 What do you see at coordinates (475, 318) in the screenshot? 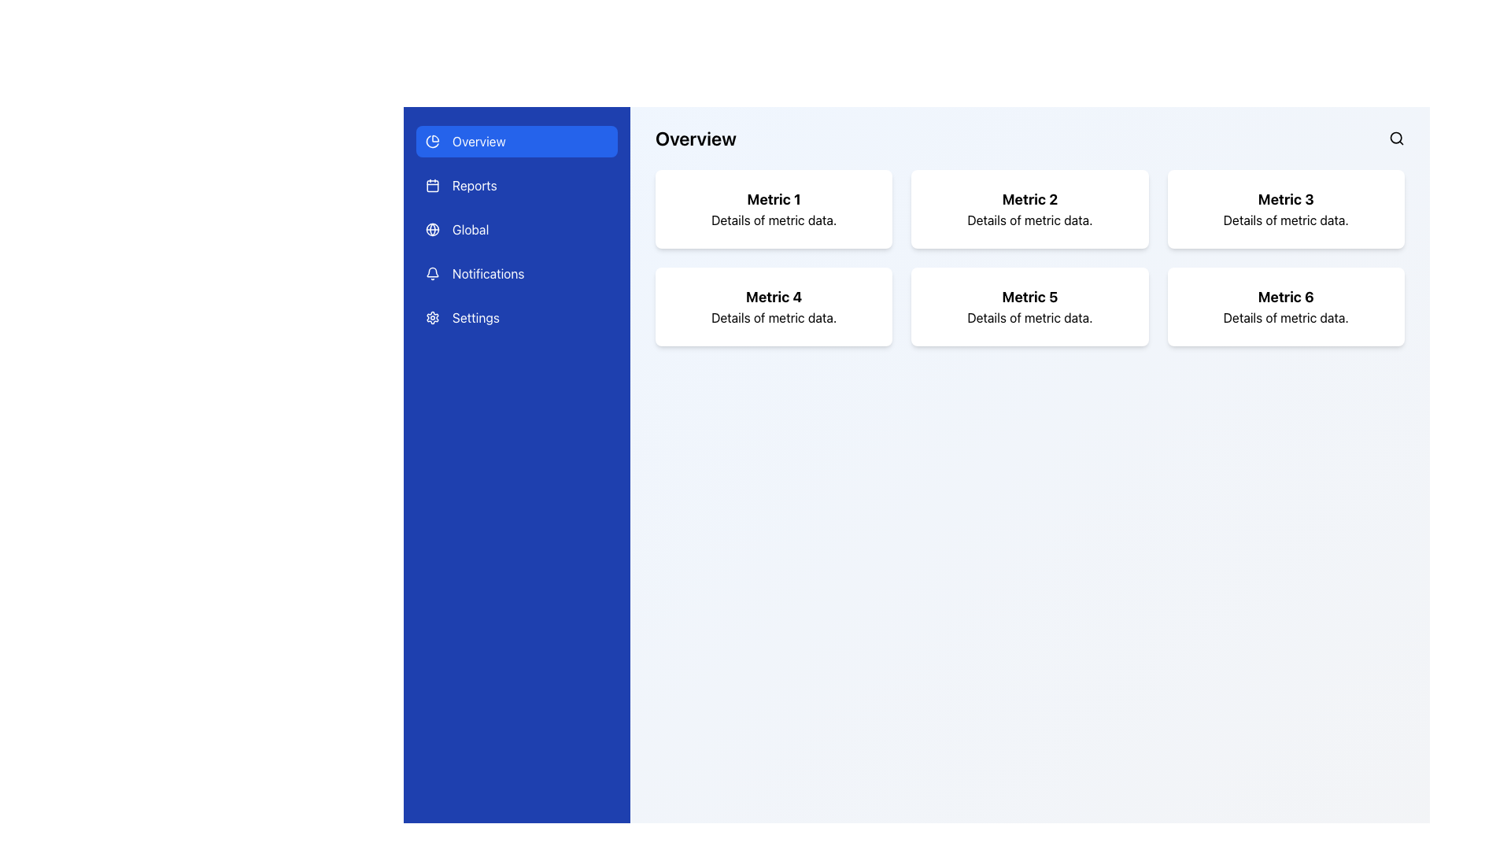
I see `the 'Settings' navigation menu item located below the 'Notifications' menu item` at bounding box center [475, 318].